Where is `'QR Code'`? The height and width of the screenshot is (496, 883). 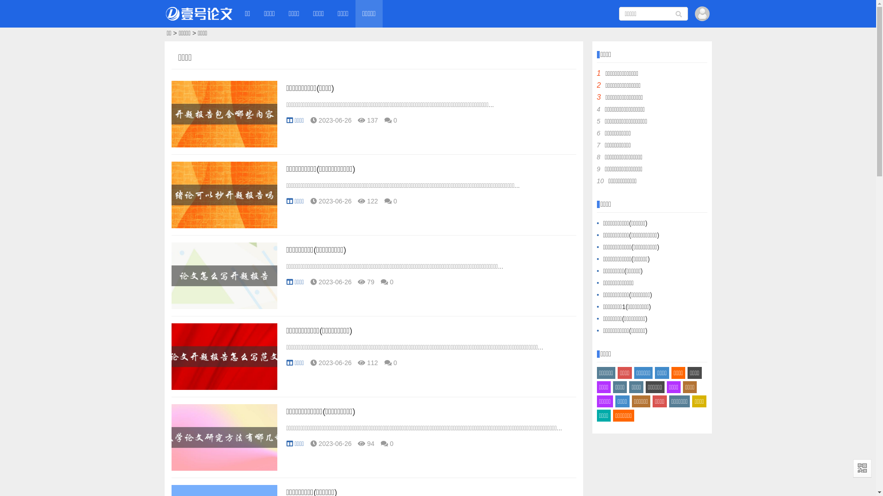
'QR Code' is located at coordinates (862, 468).